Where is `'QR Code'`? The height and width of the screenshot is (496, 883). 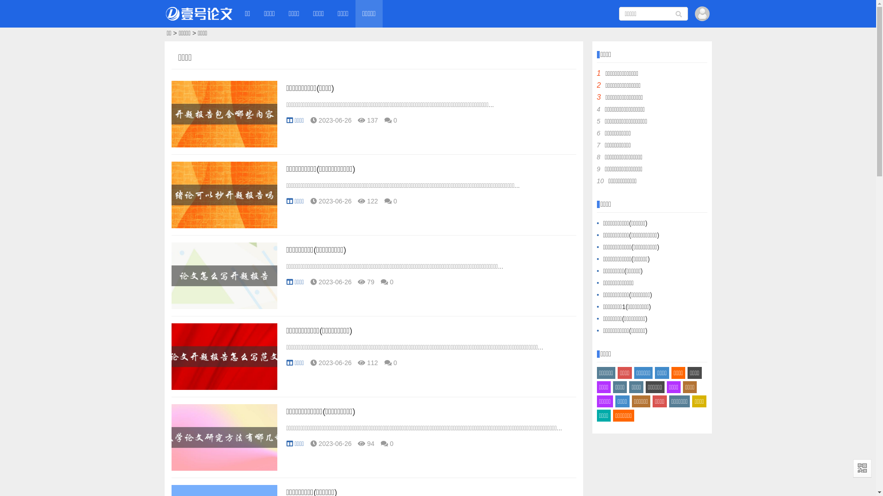
'QR Code' is located at coordinates (862, 468).